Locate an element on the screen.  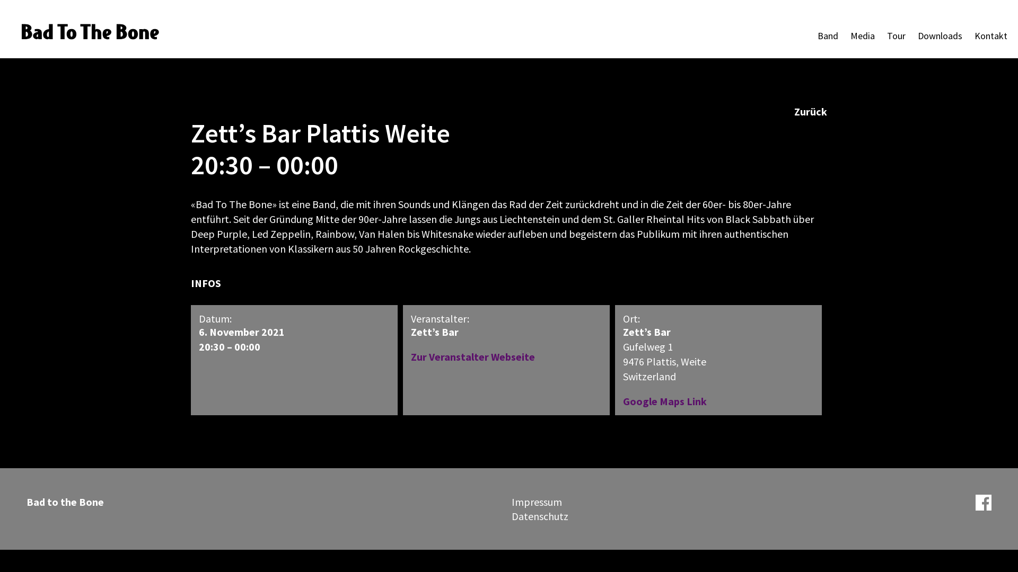
'Kontakt' is located at coordinates (990, 35).